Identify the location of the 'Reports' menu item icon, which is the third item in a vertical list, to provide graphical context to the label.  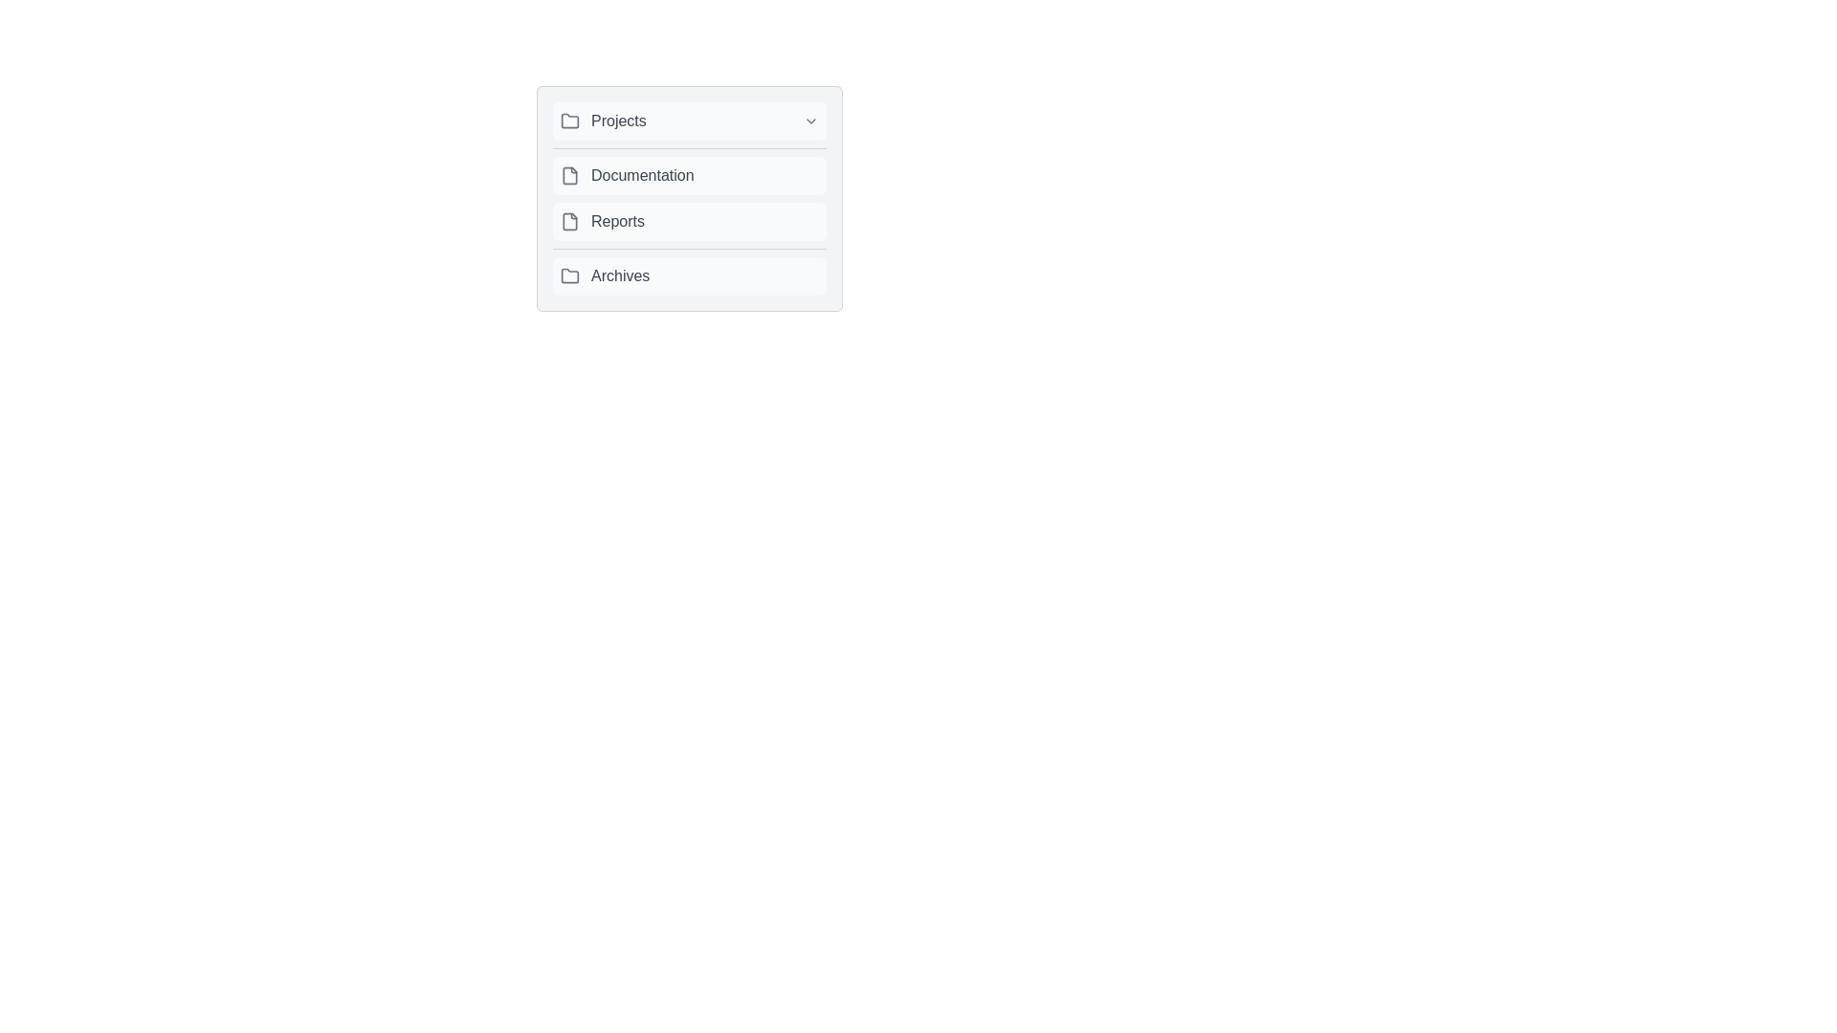
(568, 220).